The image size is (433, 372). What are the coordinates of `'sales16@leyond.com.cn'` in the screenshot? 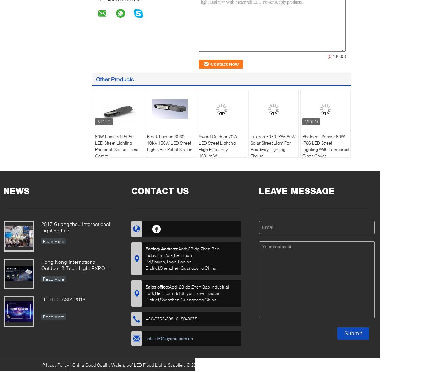 It's located at (169, 338).